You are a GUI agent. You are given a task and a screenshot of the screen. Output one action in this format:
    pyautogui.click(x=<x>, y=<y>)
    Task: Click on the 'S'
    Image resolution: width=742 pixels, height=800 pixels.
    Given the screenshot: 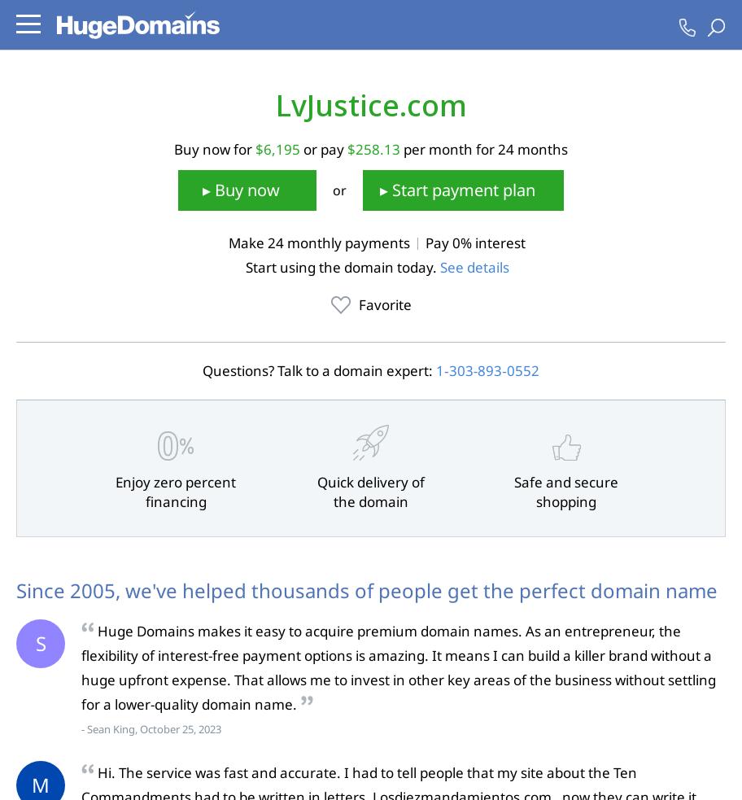 What is the action you would take?
    pyautogui.click(x=39, y=642)
    